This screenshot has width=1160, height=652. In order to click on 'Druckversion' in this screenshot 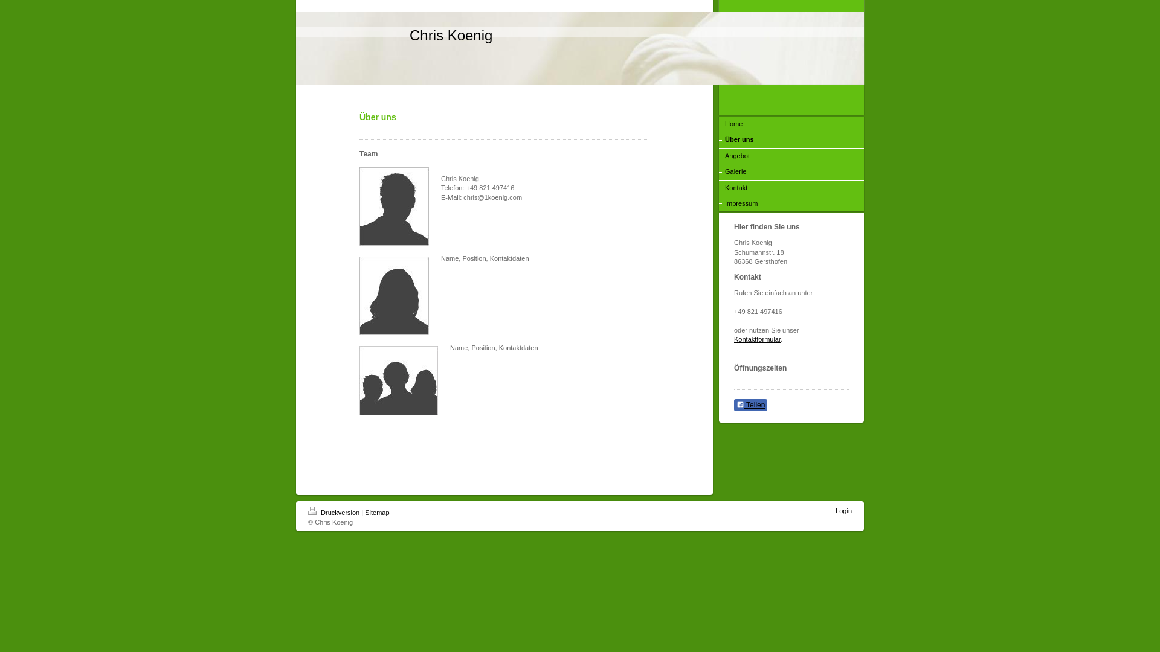, I will do `click(334, 512)`.